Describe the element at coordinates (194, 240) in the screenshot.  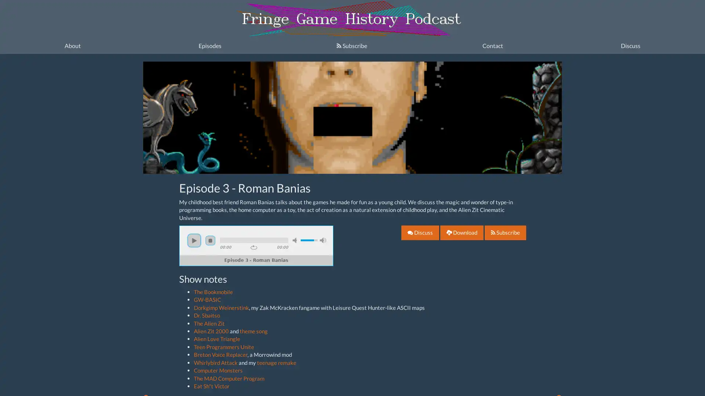
I see `play` at that location.